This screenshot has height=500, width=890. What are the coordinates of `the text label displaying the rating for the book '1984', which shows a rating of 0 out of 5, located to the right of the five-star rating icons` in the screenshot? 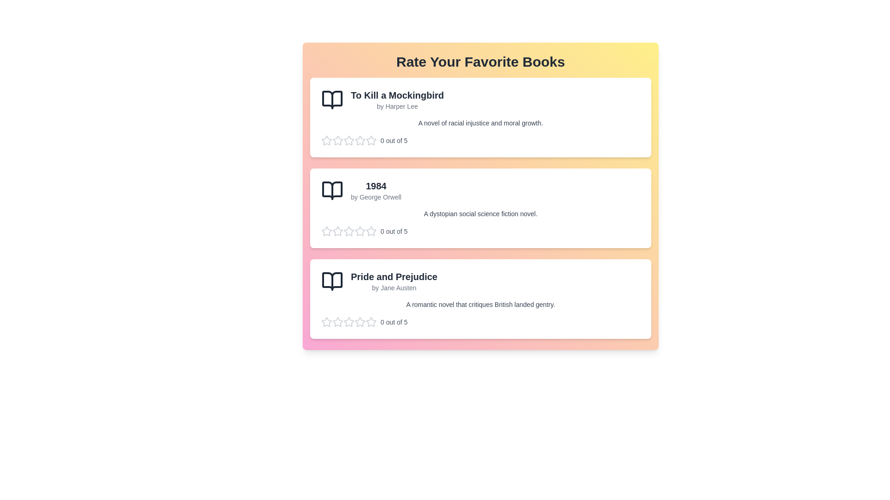 It's located at (394, 231).